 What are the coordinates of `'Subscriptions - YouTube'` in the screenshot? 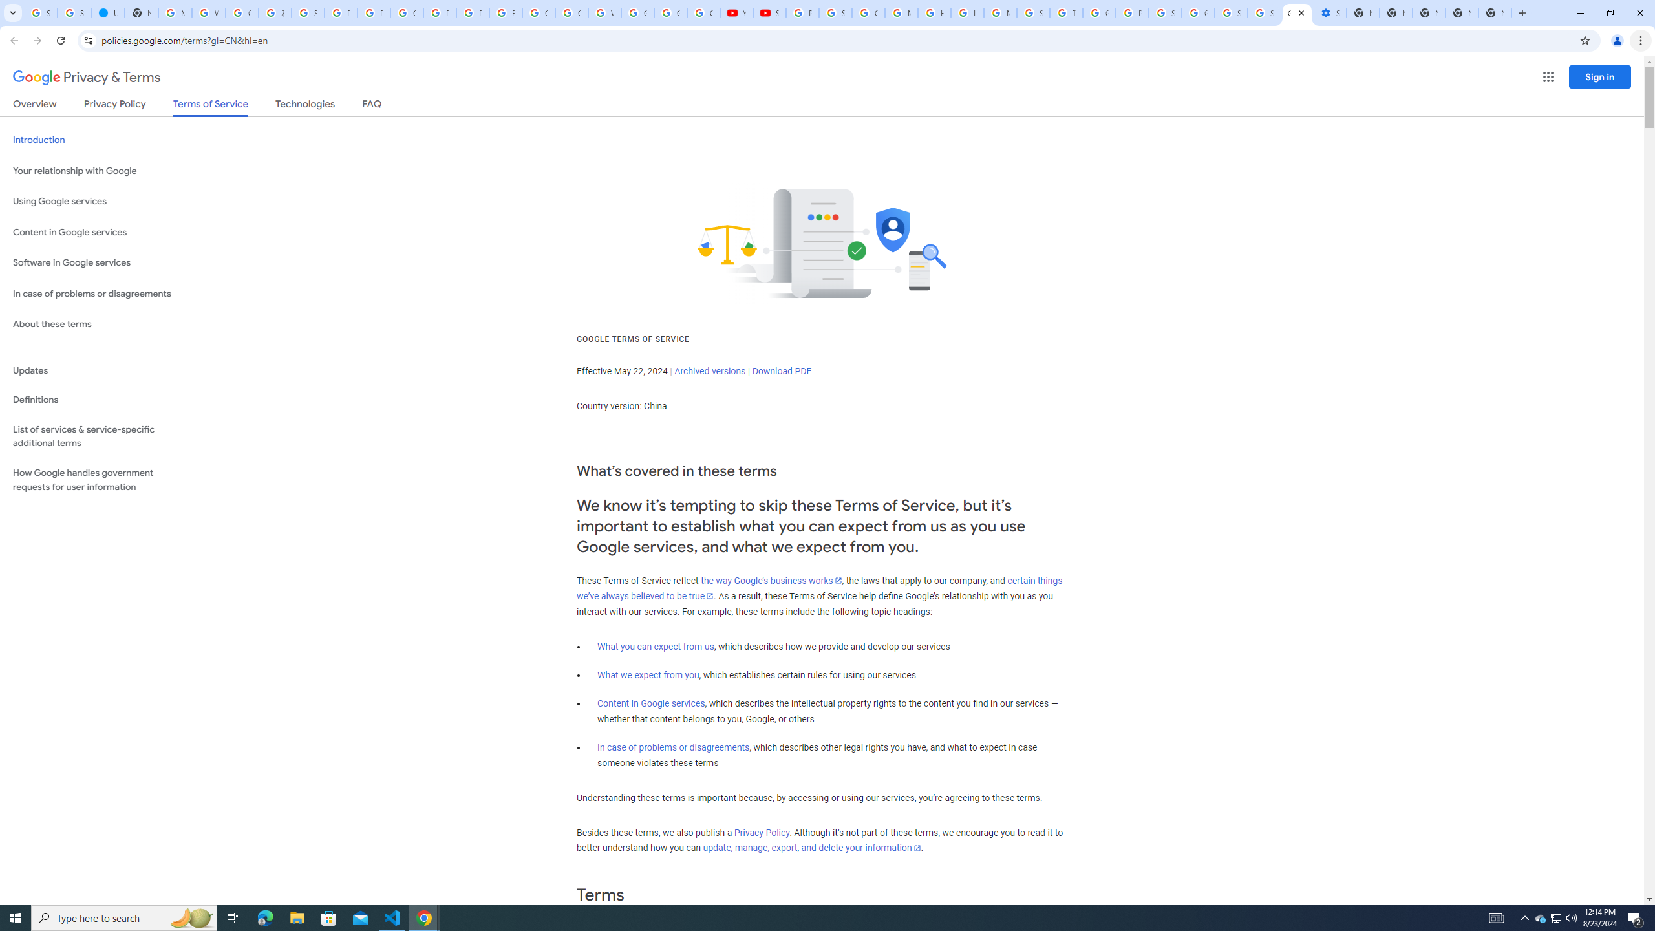 It's located at (769, 12).